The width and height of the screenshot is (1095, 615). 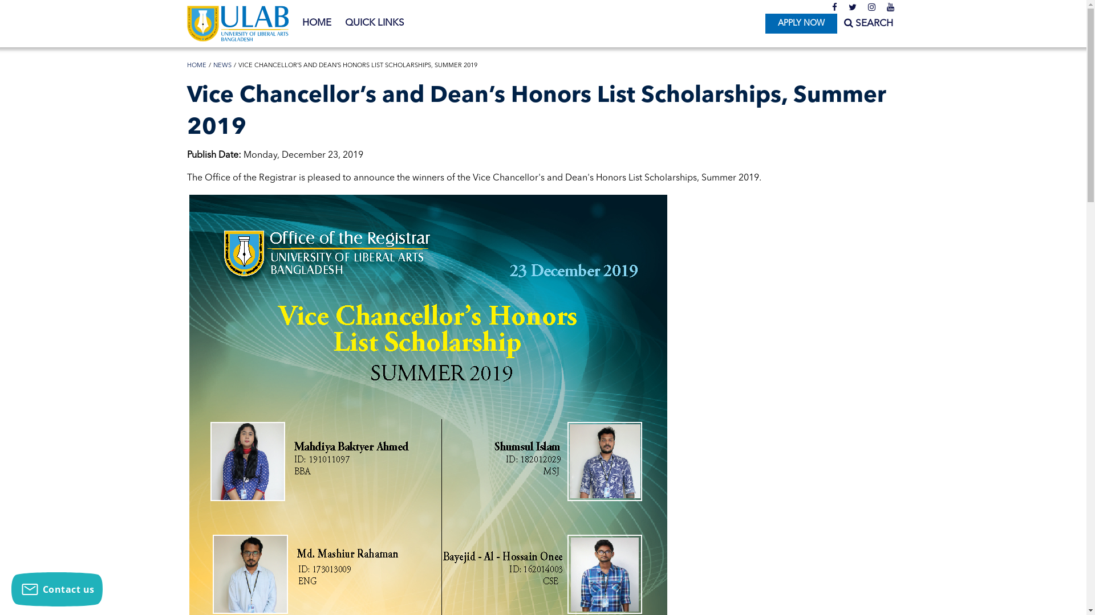 I want to click on 'QUICK LINKS', so click(x=374, y=23).